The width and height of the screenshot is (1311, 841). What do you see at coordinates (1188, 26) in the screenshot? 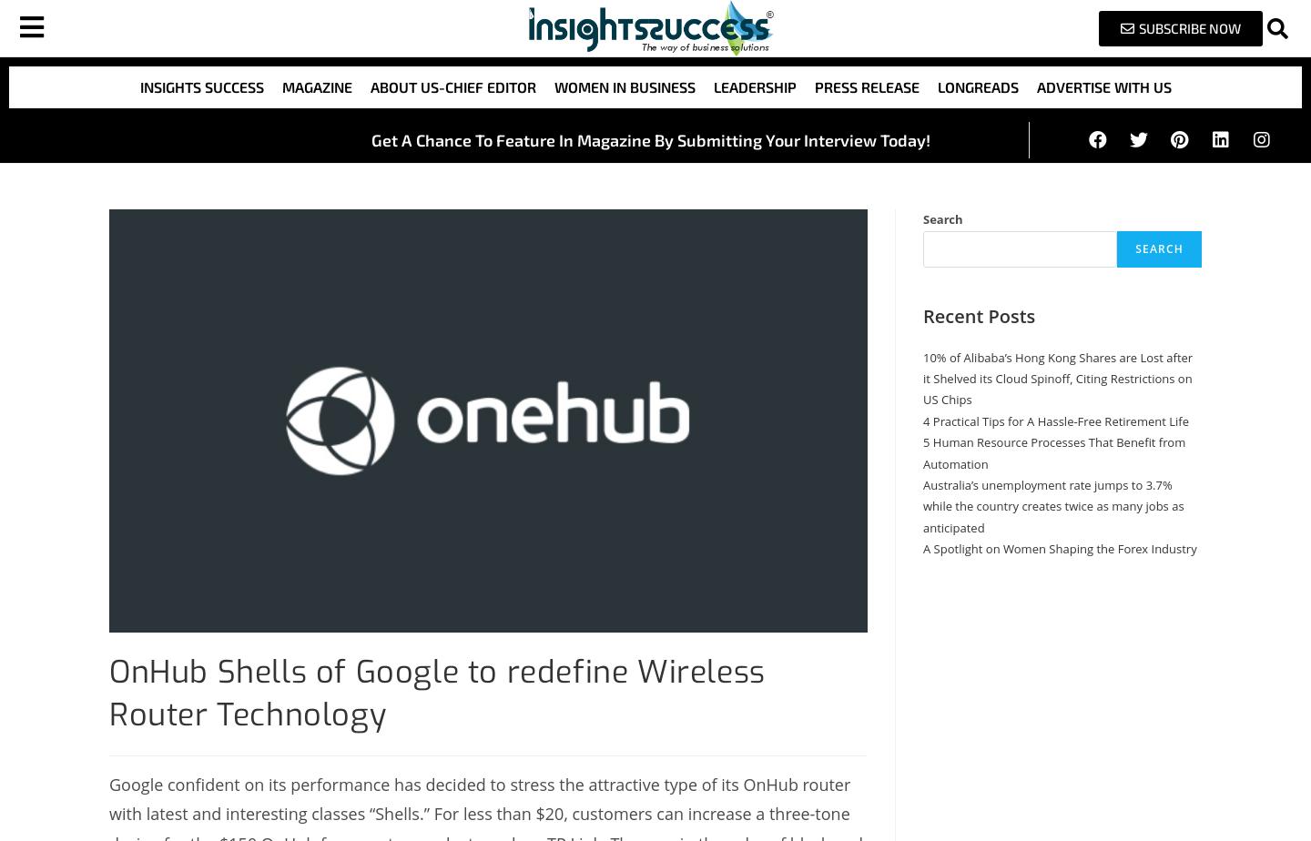
I see `'subscribe Now'` at bounding box center [1188, 26].